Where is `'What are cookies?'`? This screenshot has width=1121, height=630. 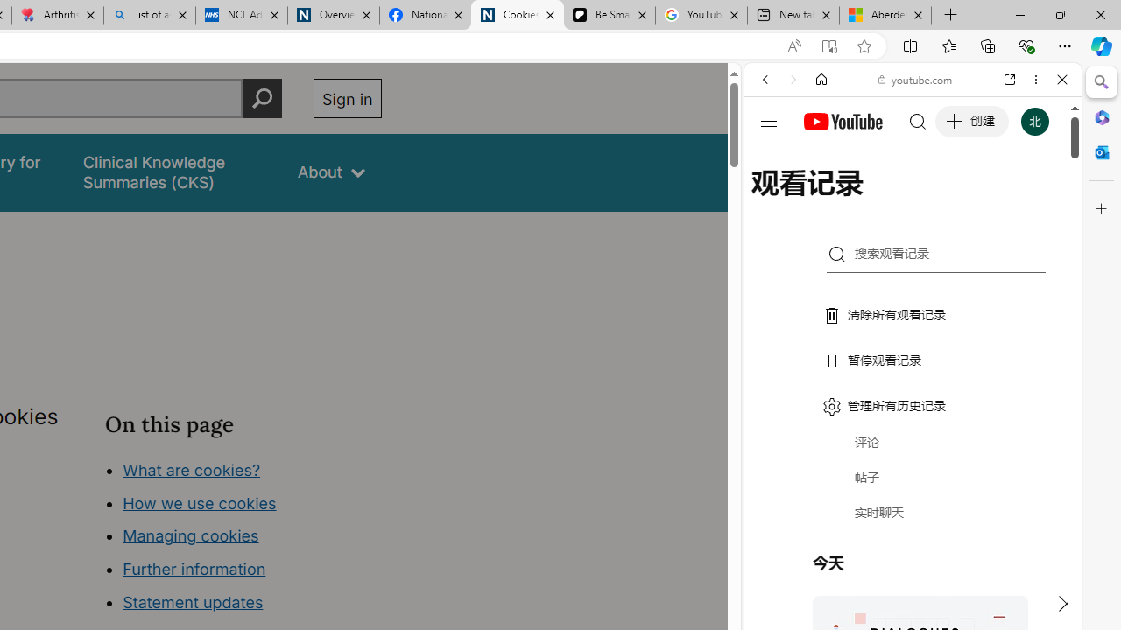 'What are cookies?' is located at coordinates (191, 469).